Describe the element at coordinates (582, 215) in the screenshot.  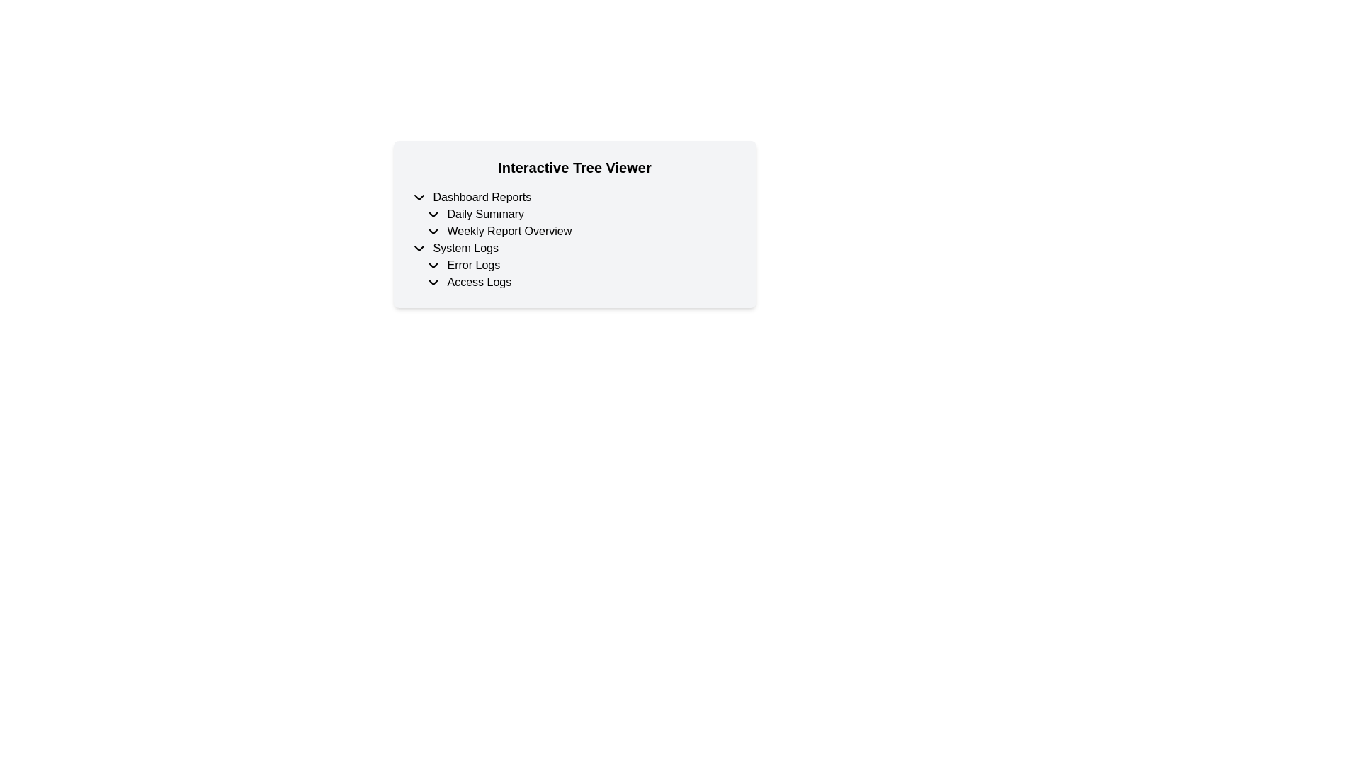
I see `the 'Daily Summary' collapsible menu item using keyboard navigation` at that location.